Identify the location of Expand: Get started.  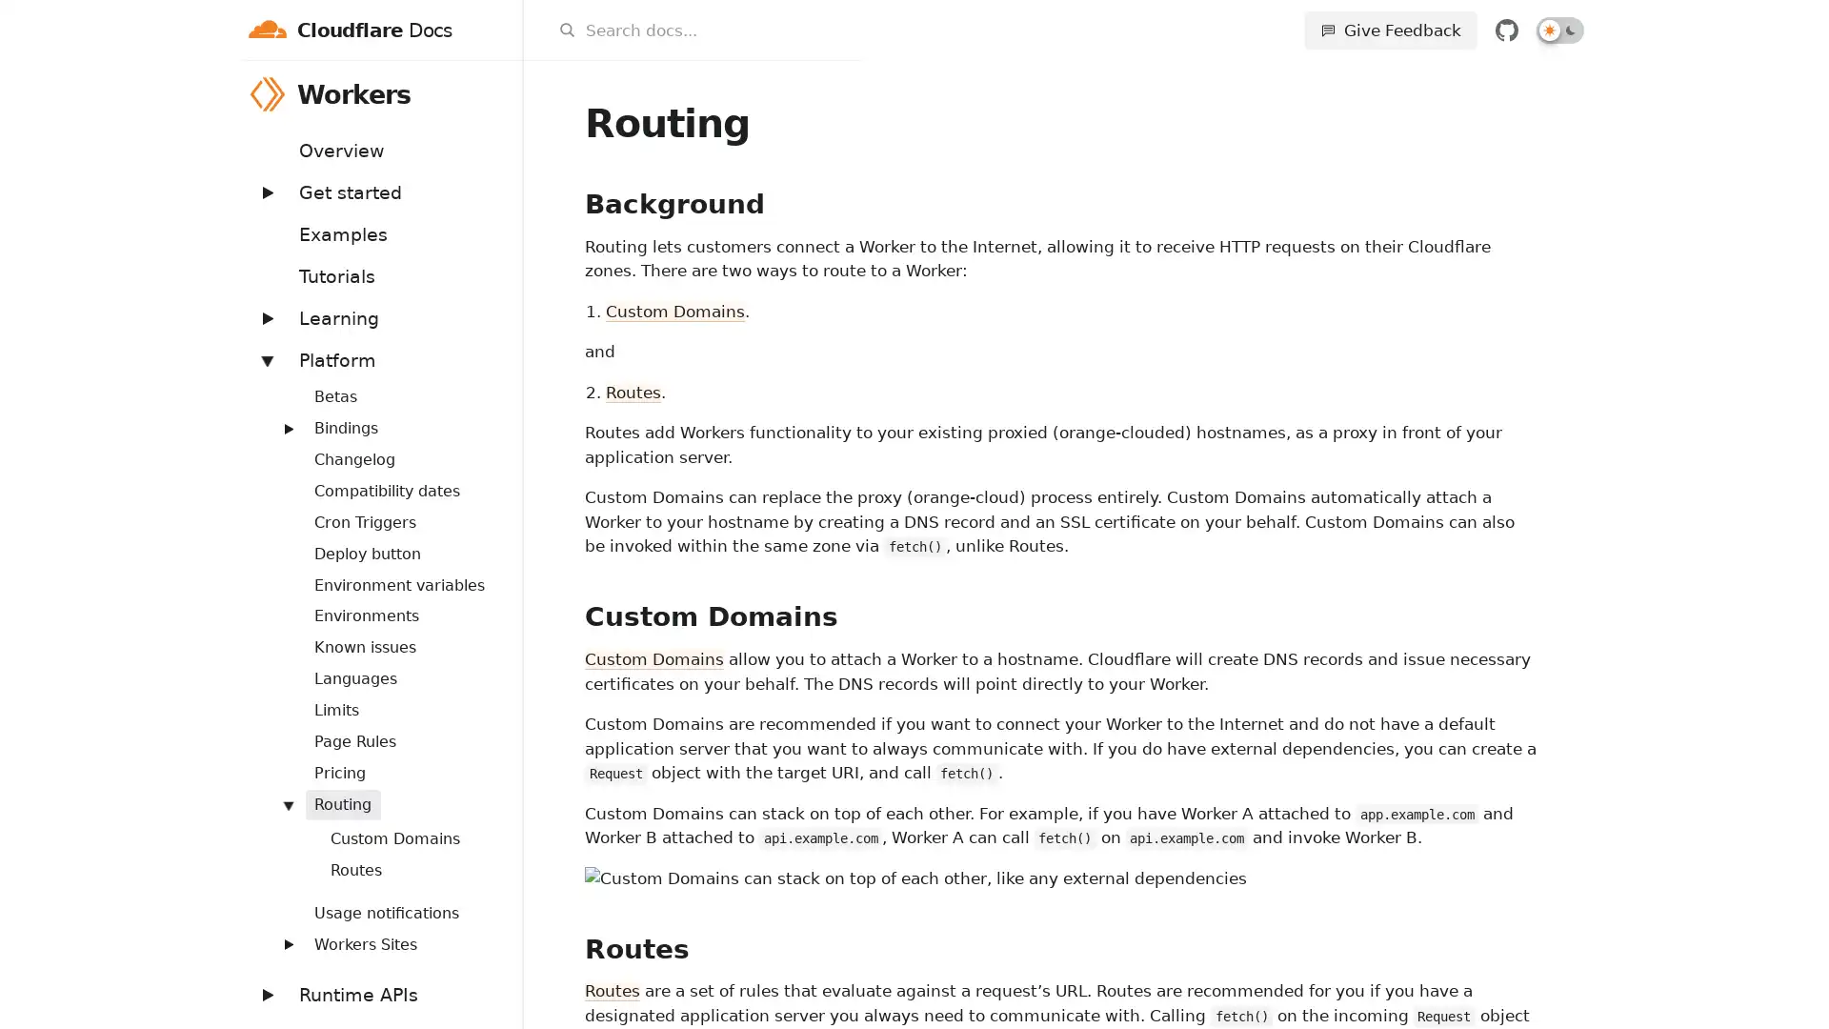
(265, 192).